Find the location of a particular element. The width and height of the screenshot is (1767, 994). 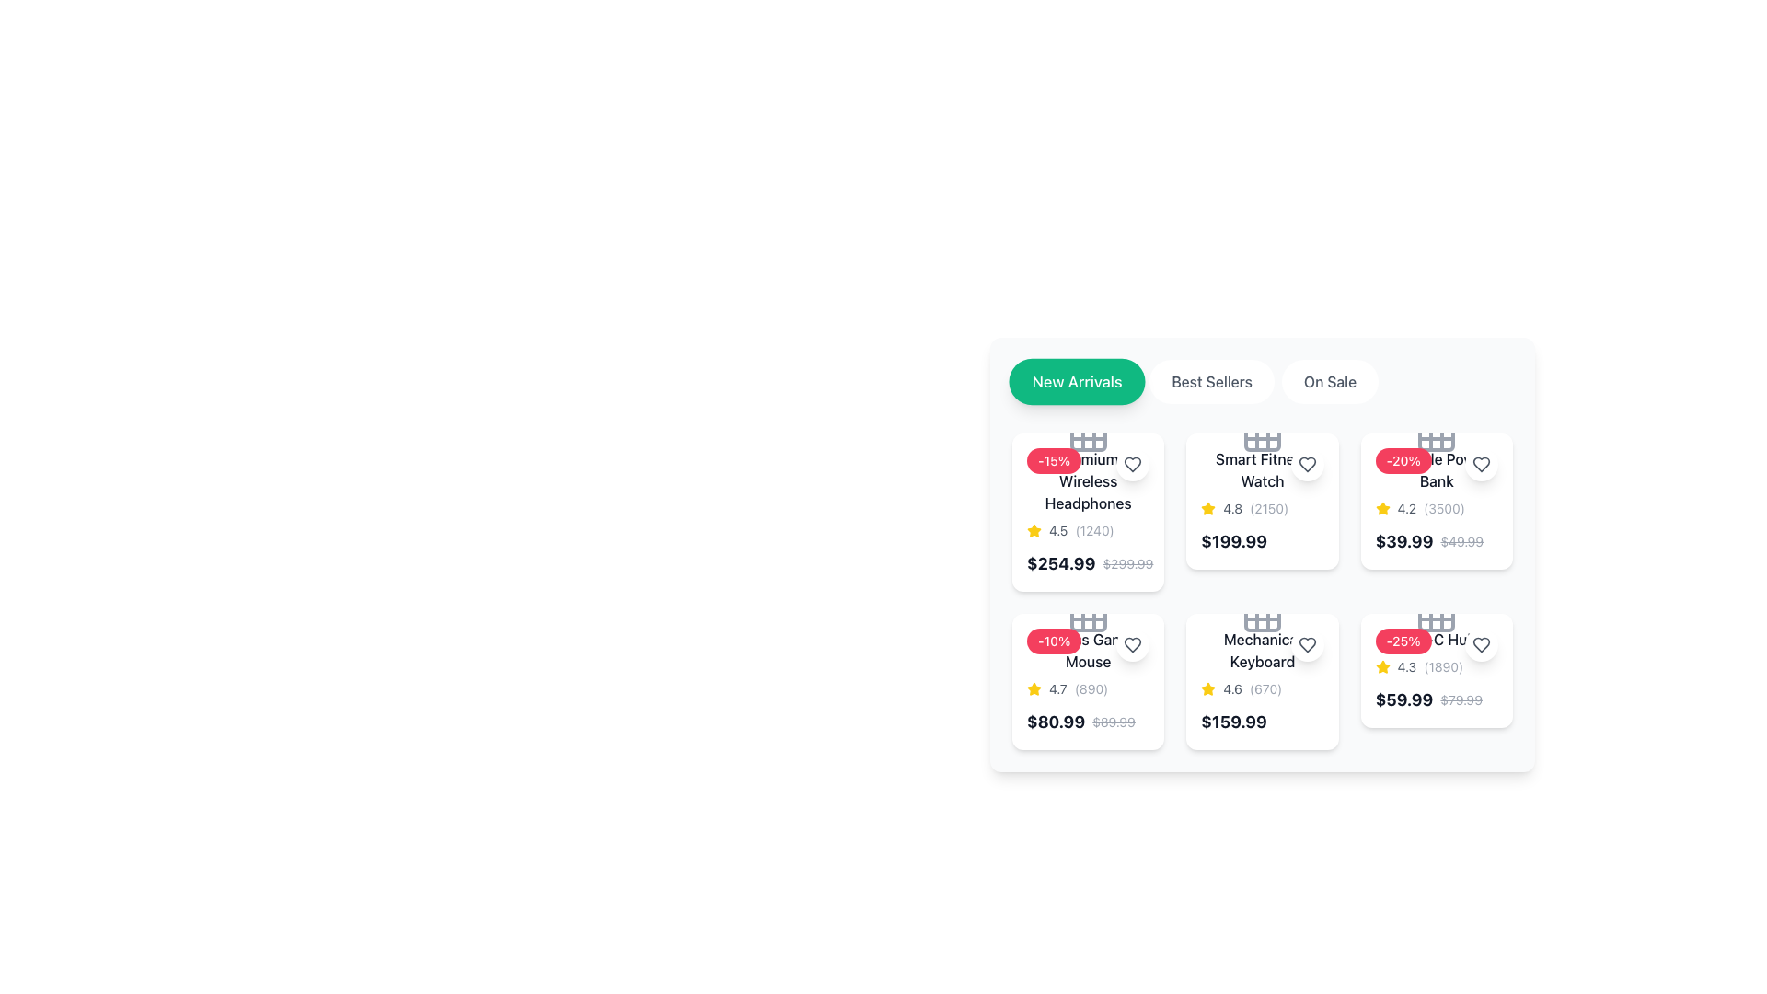

the heart-shaped icon located at the top-right corner of the bottom-right card in the grid to like or save the product is located at coordinates (1481, 644).